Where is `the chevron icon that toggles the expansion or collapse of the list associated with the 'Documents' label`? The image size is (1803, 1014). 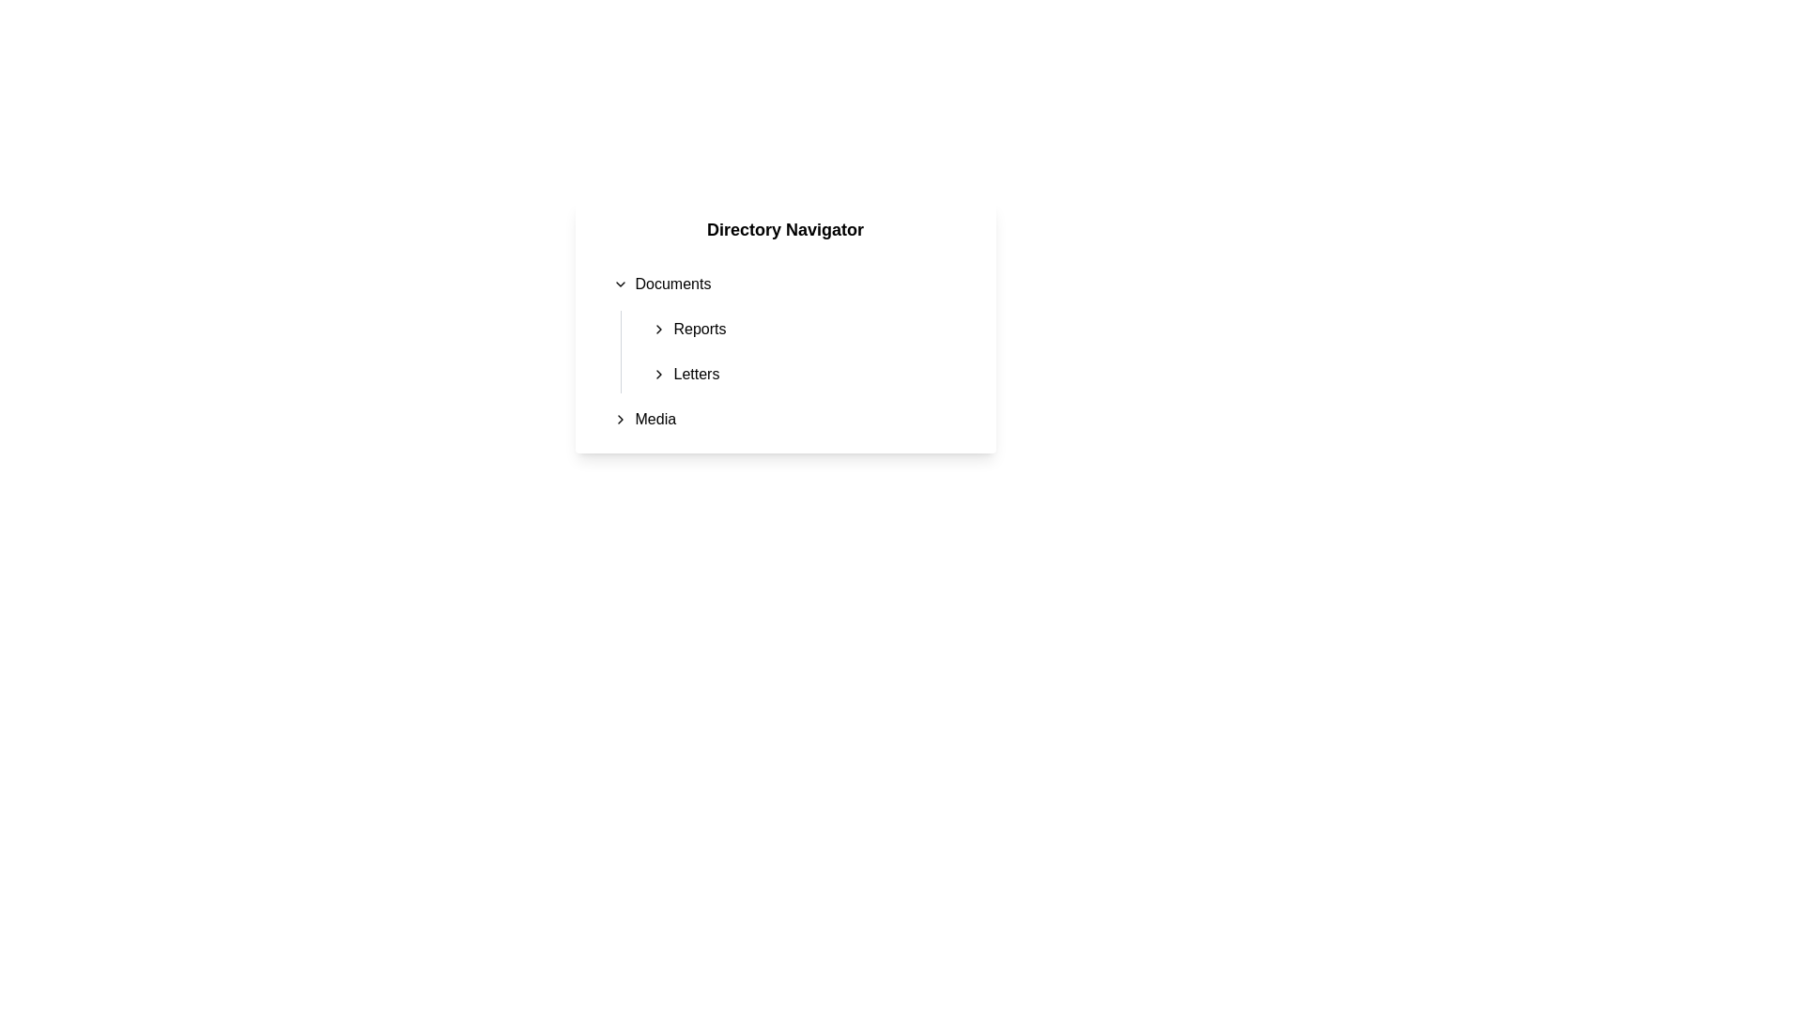 the chevron icon that toggles the expansion or collapse of the list associated with the 'Documents' label is located at coordinates (620, 284).